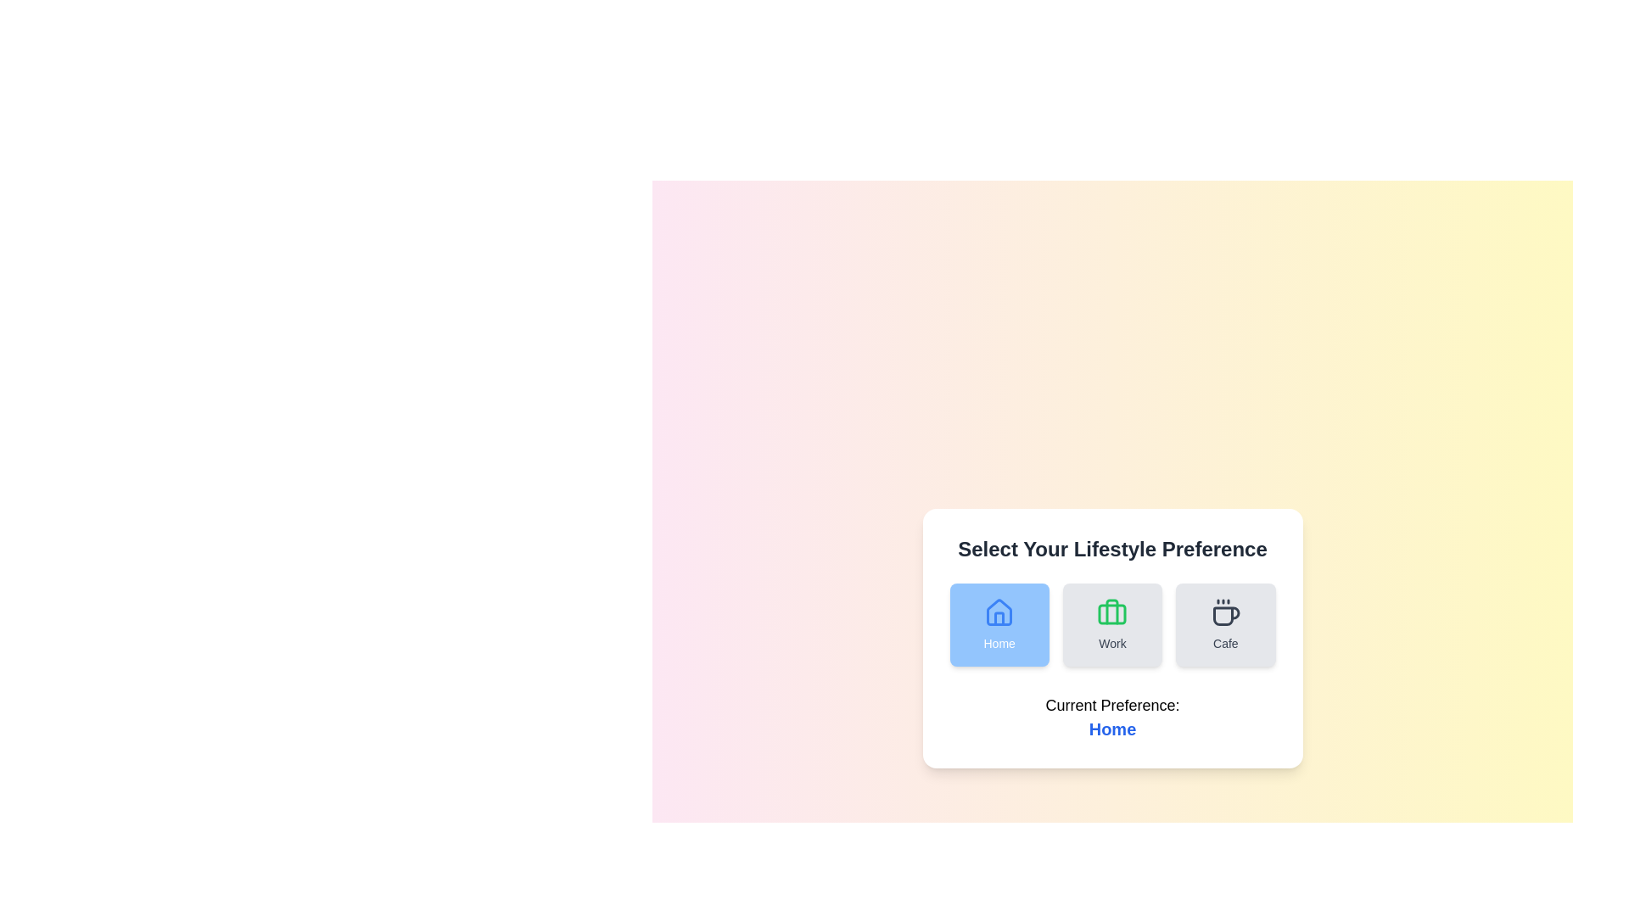  I want to click on the static text header that serves as a label above the options 'Home', 'Work', and 'Cafe', guiding users in their selection, so click(1112, 550).